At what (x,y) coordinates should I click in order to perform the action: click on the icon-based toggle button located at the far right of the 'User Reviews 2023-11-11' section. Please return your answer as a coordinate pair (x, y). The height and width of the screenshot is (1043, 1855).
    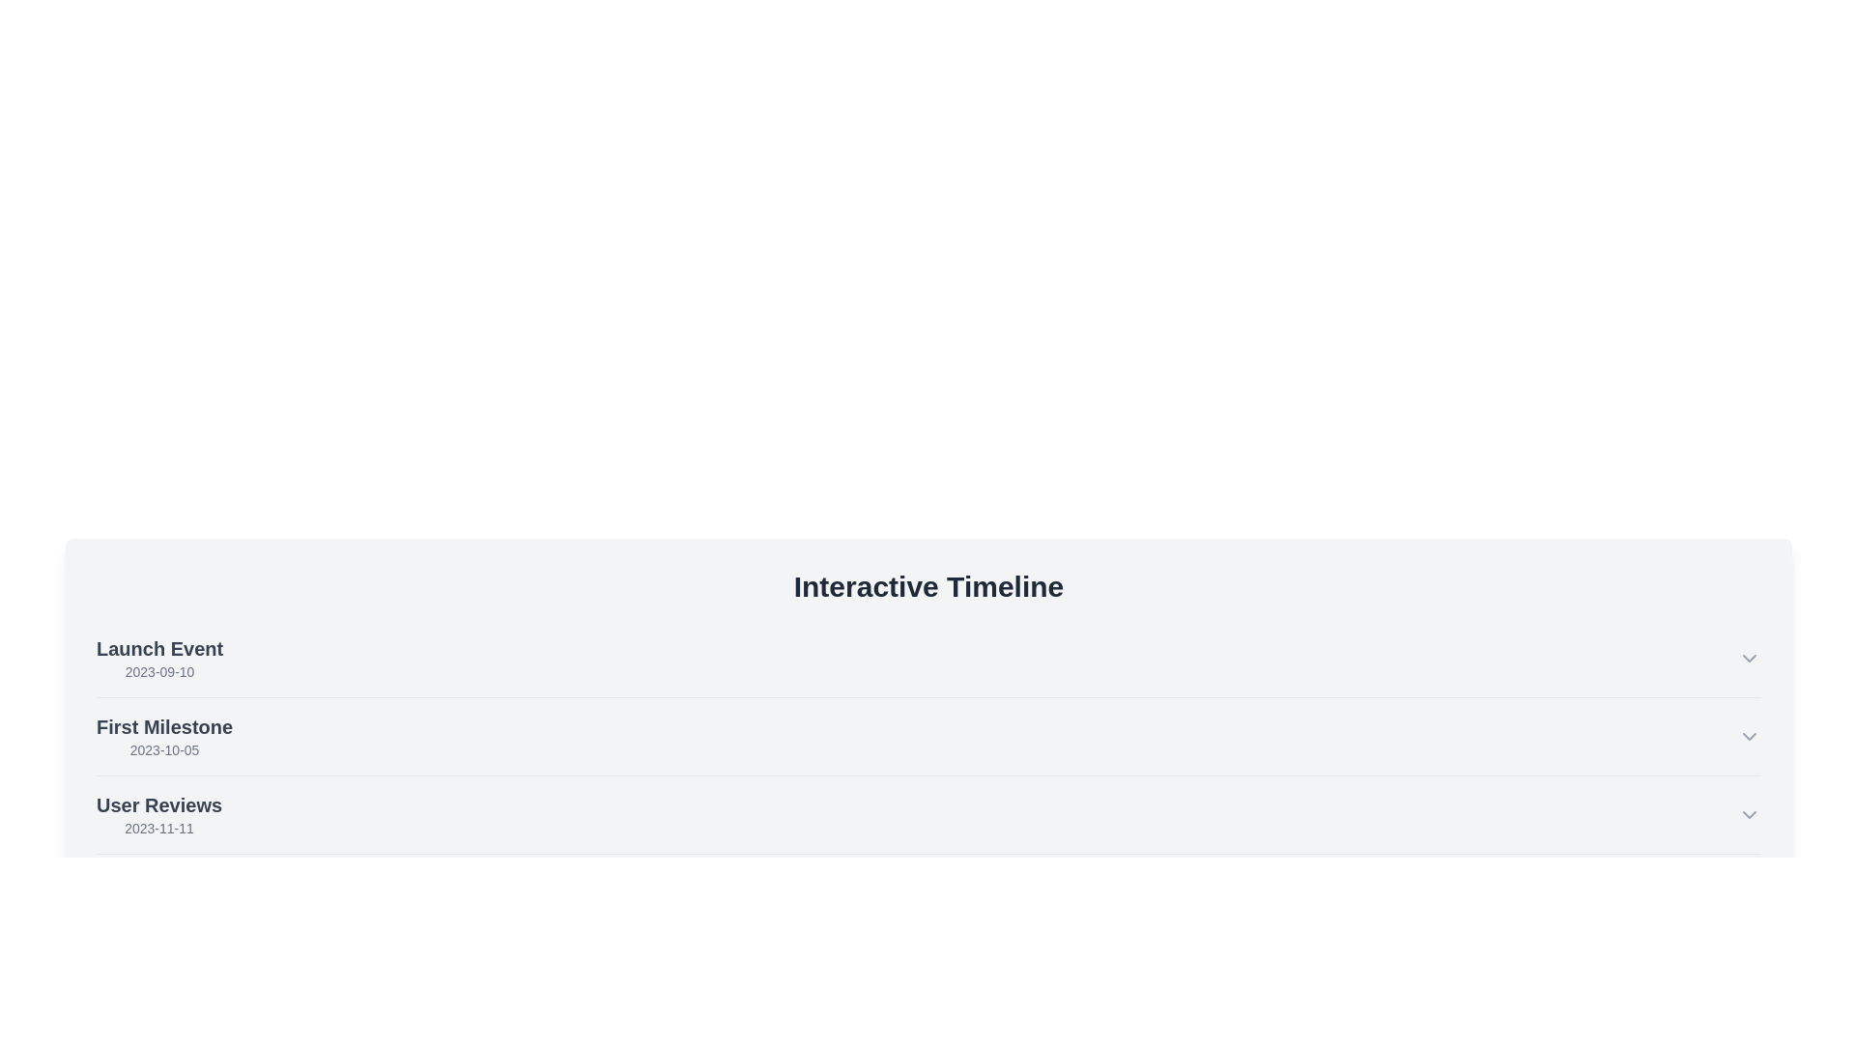
    Looking at the image, I should click on (1749, 815).